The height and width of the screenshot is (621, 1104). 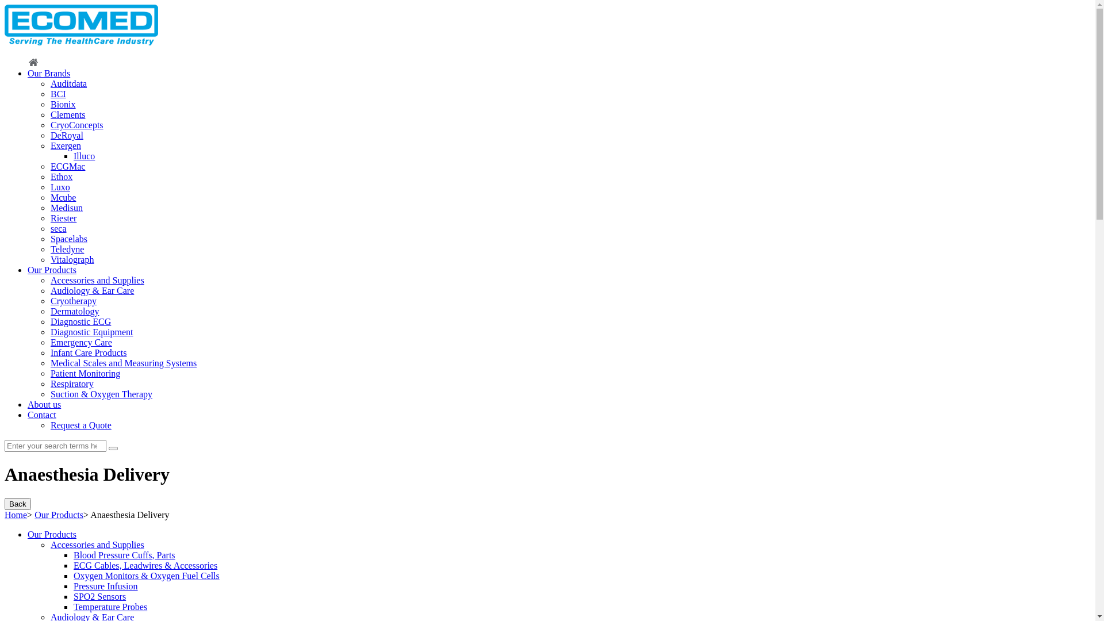 I want to click on 'Medical Scales and Measuring Systems', so click(x=49, y=363).